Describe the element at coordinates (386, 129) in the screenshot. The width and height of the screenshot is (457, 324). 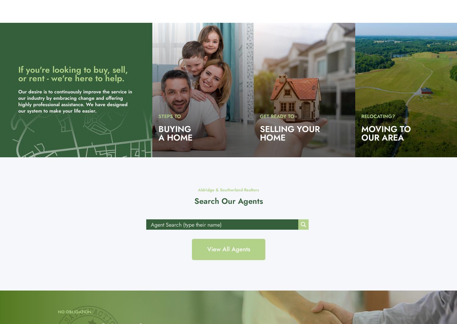
I see `'MOVING TO'` at that location.